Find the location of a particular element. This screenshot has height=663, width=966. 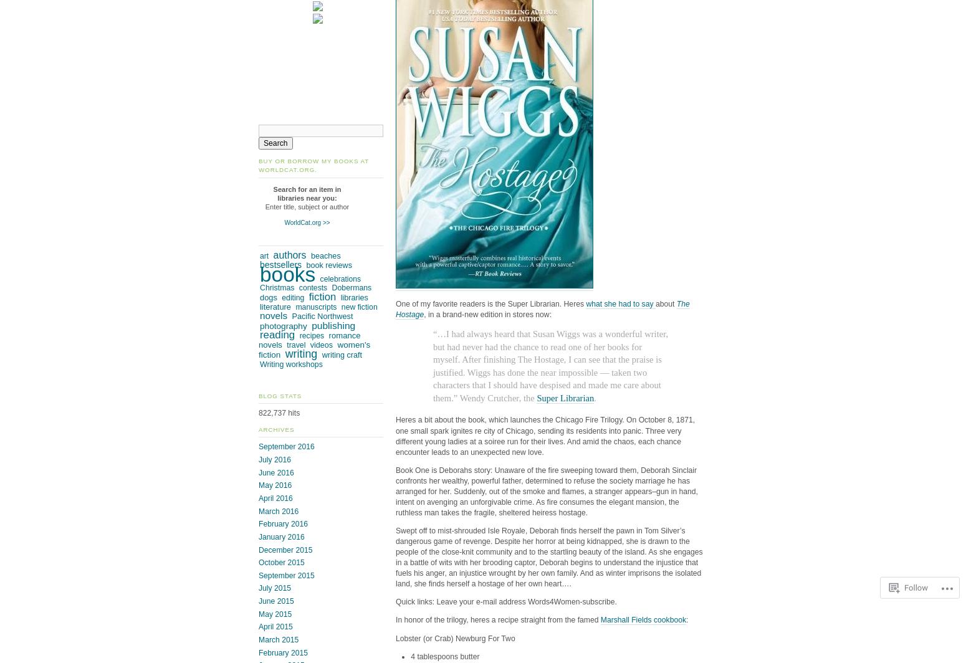

'WorldCat.org >>' is located at coordinates (284, 222).